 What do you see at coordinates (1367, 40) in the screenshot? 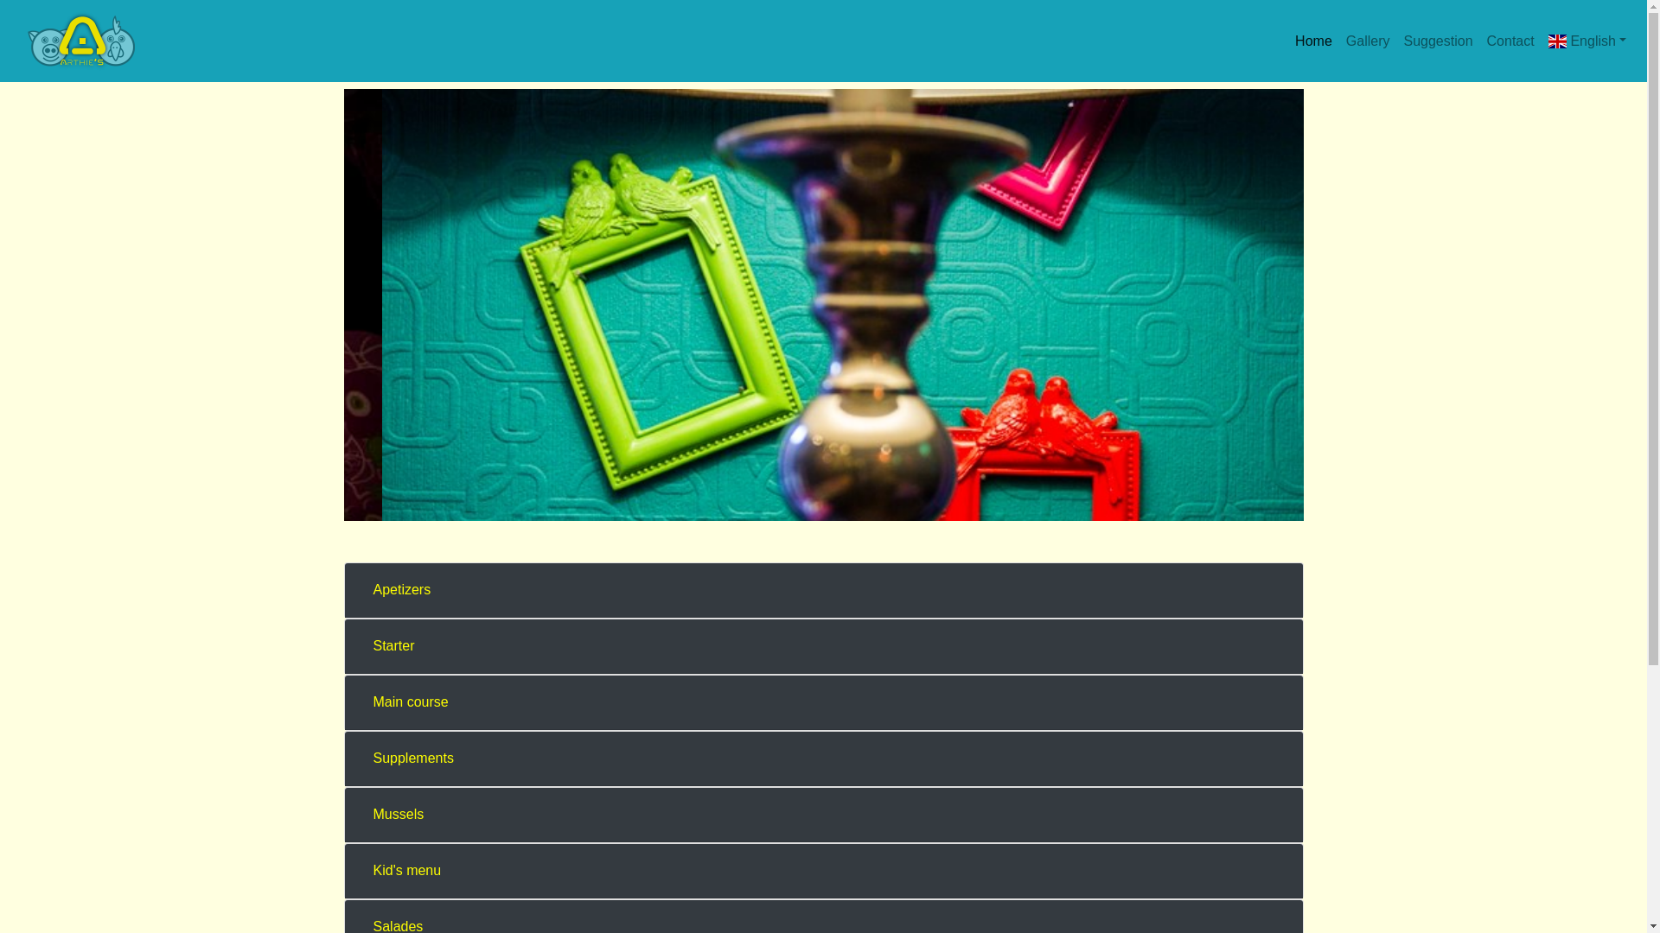
I see `'Gallery'` at bounding box center [1367, 40].